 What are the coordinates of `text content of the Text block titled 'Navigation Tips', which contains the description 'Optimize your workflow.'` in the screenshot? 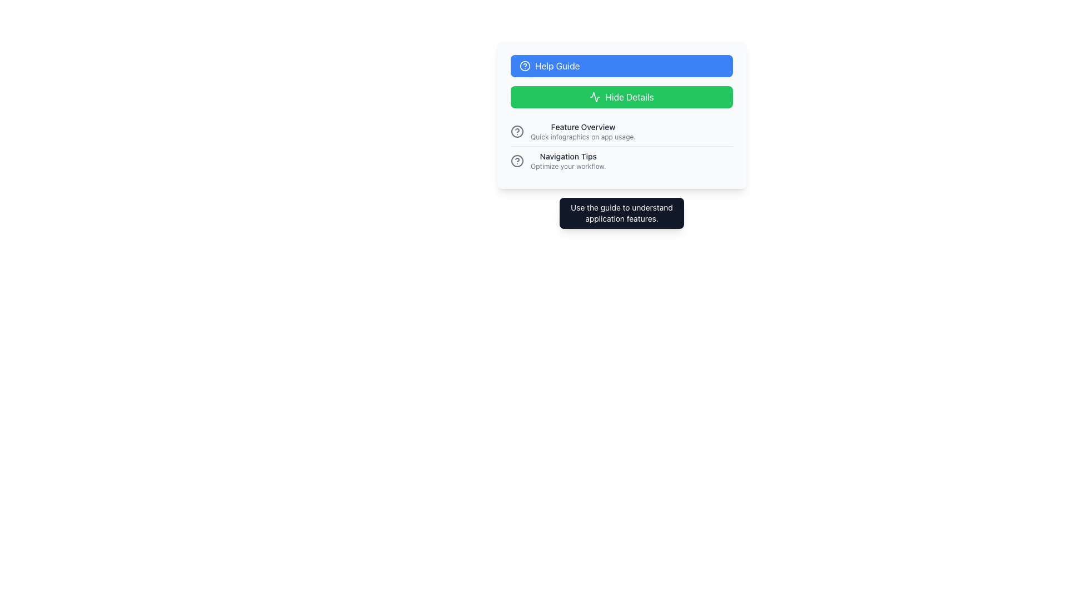 It's located at (568, 161).